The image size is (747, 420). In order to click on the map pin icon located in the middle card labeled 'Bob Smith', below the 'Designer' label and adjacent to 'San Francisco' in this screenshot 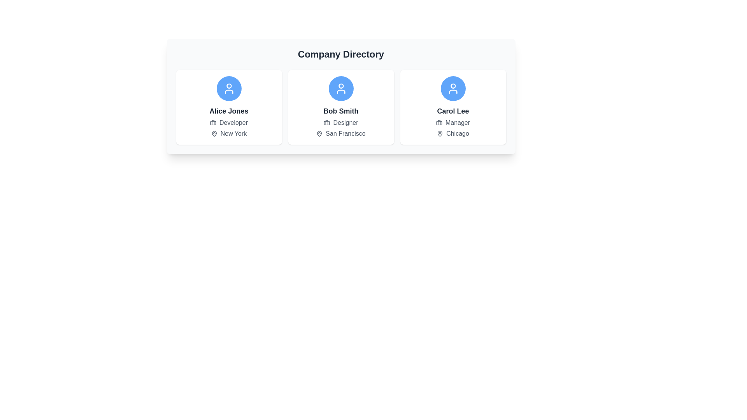, I will do `click(319, 133)`.